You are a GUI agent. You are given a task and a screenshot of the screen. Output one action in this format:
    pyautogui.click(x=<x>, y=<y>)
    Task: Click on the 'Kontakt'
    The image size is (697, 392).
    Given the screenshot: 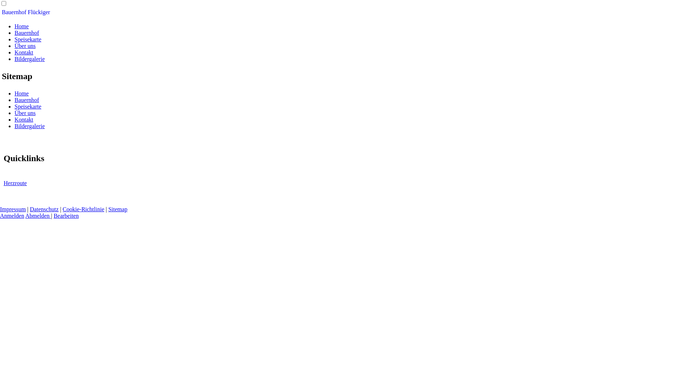 What is the action you would take?
    pyautogui.click(x=24, y=52)
    